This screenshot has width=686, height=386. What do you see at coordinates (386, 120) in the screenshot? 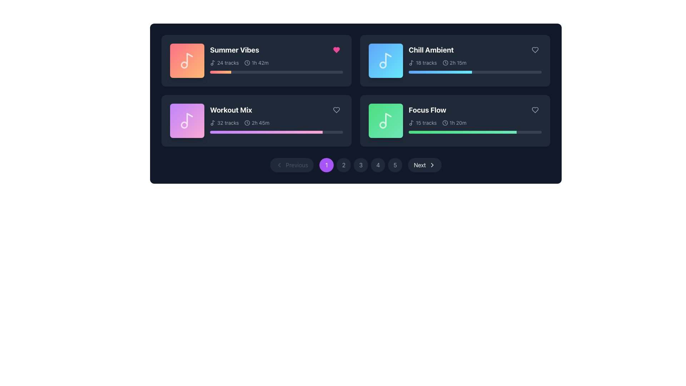
I see `the play button located centrally within the green section for 'Focus Flow'` at bounding box center [386, 120].